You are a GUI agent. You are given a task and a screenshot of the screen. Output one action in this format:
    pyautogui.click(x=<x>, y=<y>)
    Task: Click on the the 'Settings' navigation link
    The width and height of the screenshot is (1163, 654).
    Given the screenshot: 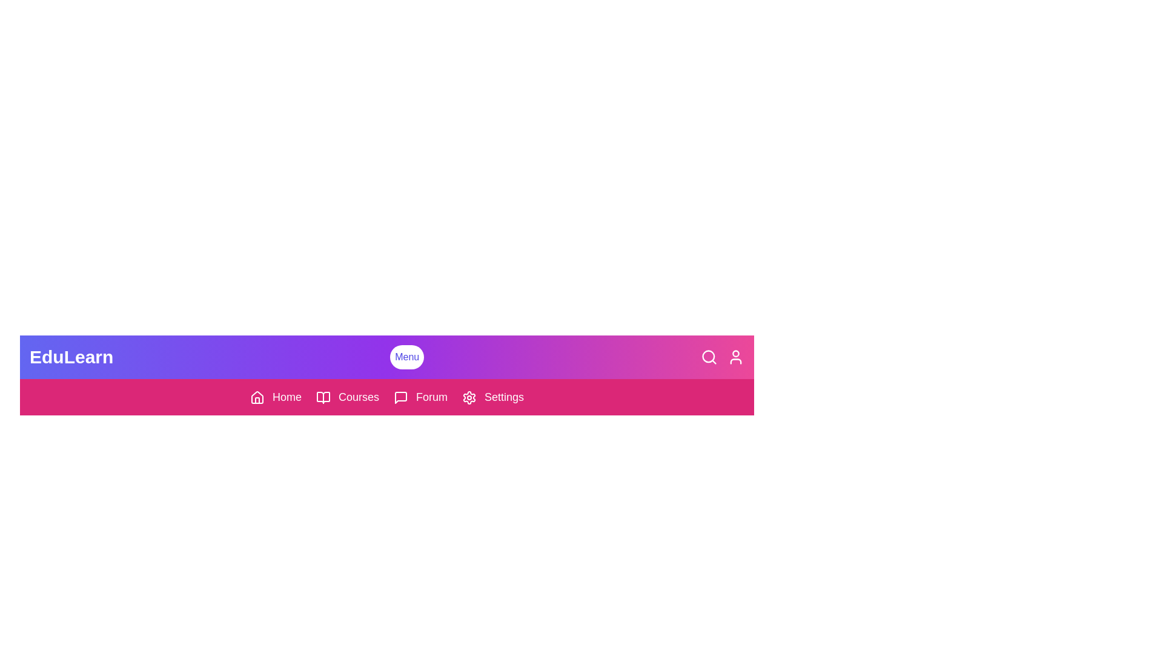 What is the action you would take?
    pyautogui.click(x=493, y=397)
    